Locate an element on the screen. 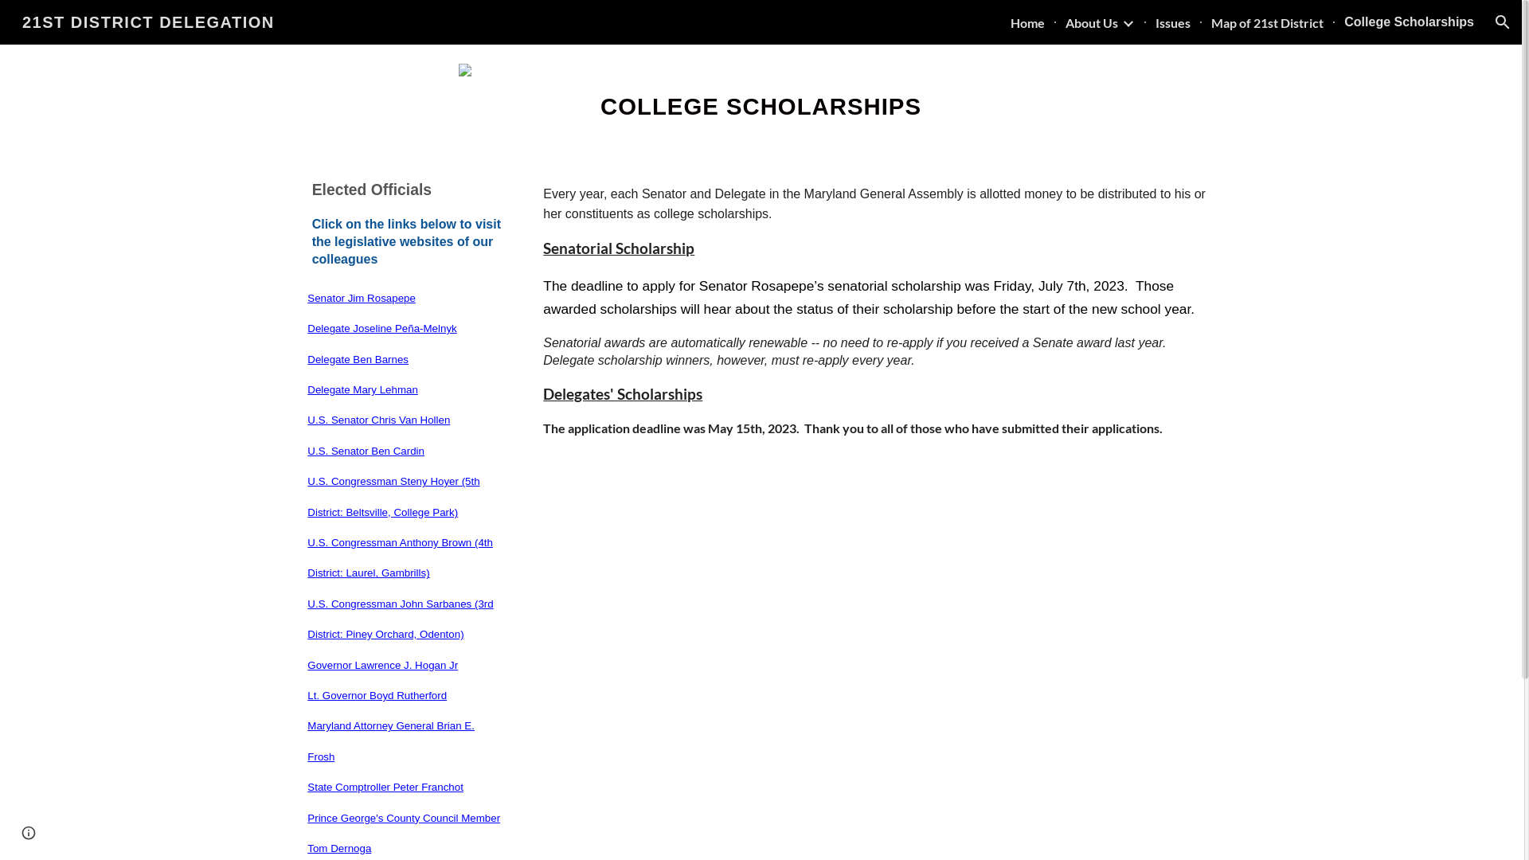  'State Comptroller Peter Franchot' is located at coordinates (385, 785).